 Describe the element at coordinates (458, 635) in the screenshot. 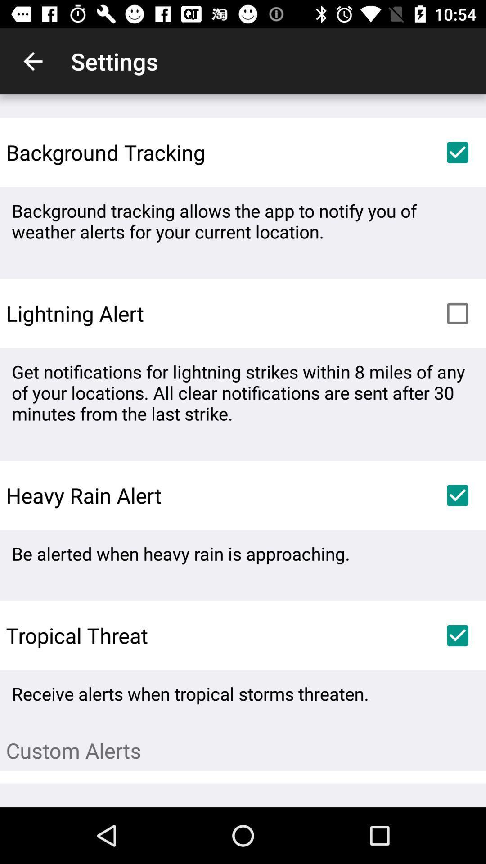

I see `tropical threat on` at that location.